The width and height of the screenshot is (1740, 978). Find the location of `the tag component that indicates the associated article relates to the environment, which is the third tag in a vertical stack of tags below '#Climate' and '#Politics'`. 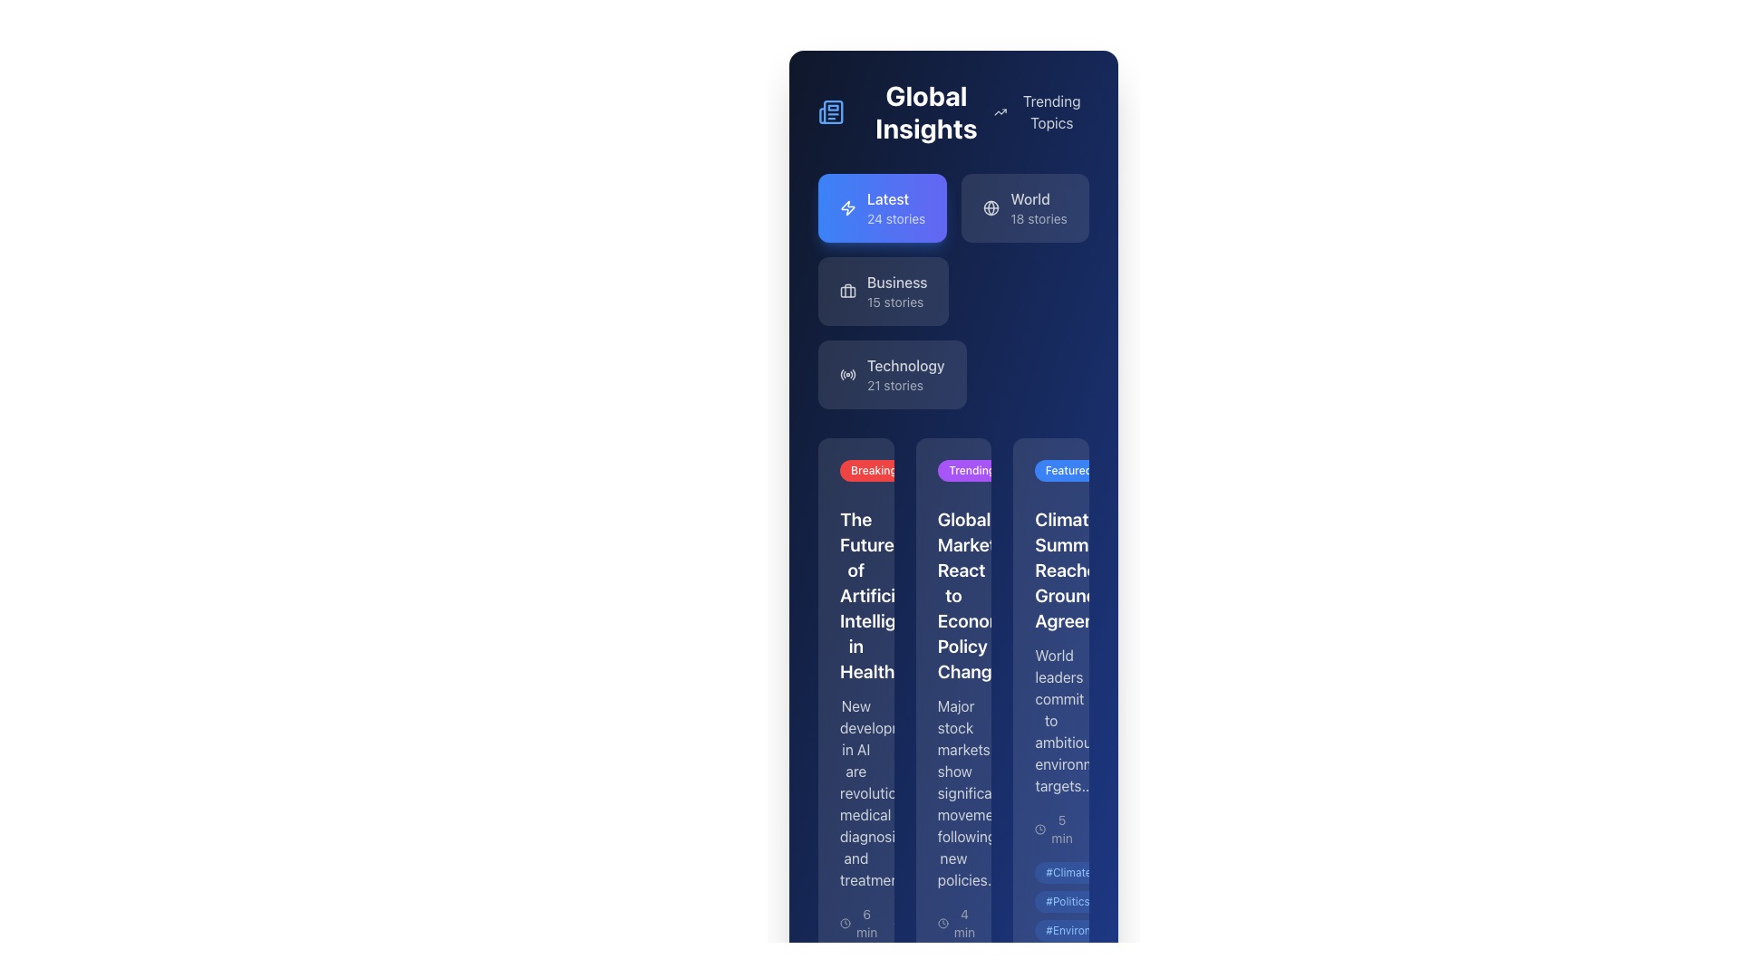

the tag component that indicates the associated article relates to the environment, which is the third tag in a vertical stack of tags below '#Climate' and '#Politics' is located at coordinates (1081, 931).